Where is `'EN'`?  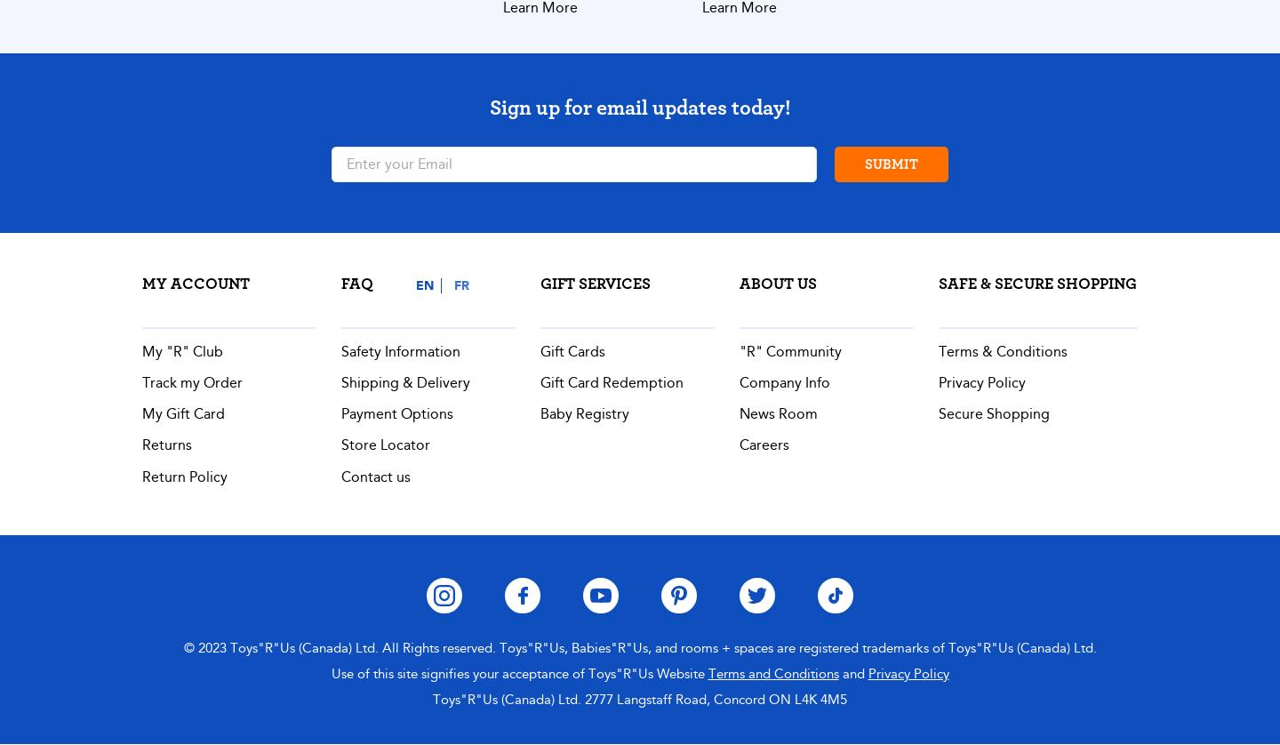 'EN' is located at coordinates (424, 284).